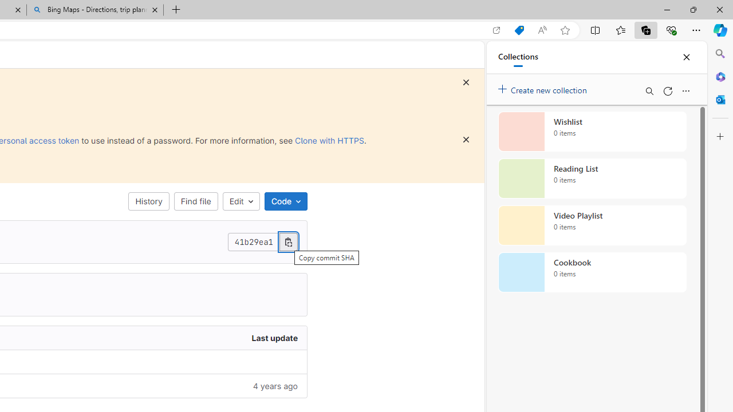 This screenshot has width=733, height=412. What do you see at coordinates (496, 30) in the screenshot?
I see `'Open in app'` at bounding box center [496, 30].